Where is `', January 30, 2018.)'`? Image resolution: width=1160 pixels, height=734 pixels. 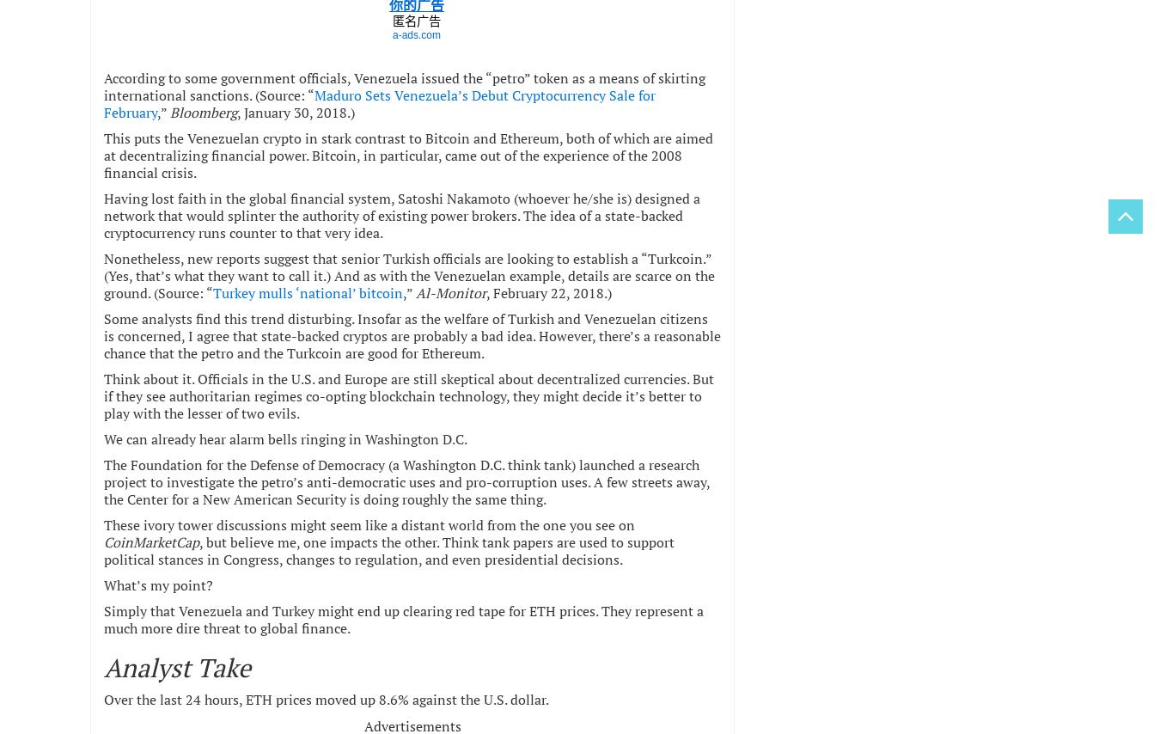 ', January 30, 2018.)' is located at coordinates (296, 110).